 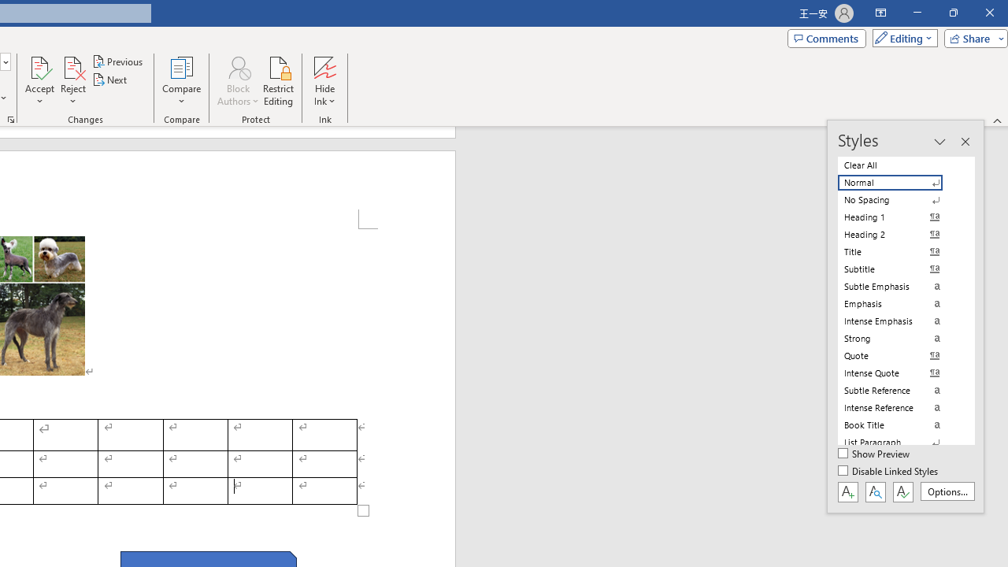 What do you see at coordinates (901, 37) in the screenshot?
I see `'Editing'` at bounding box center [901, 37].